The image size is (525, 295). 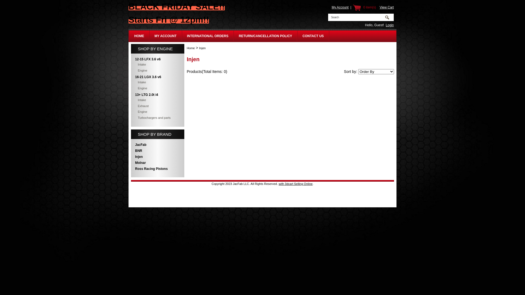 What do you see at coordinates (157, 106) in the screenshot?
I see `'Exhaust'` at bounding box center [157, 106].